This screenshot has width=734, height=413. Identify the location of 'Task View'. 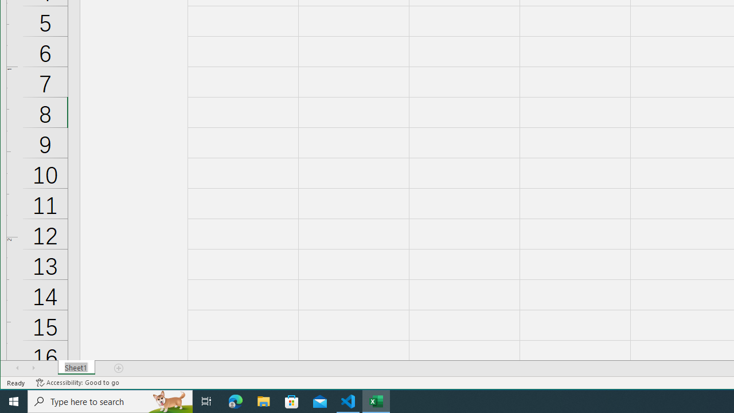
(206, 400).